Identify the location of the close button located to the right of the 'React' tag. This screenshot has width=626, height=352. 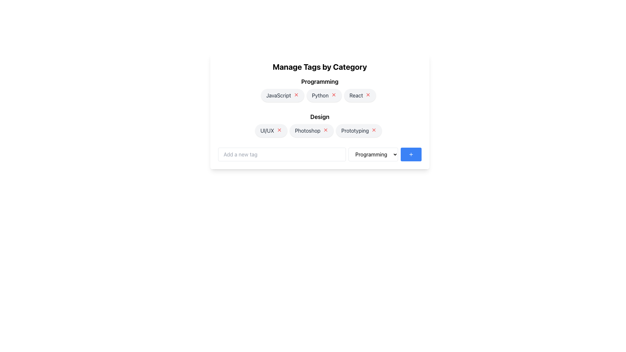
(368, 95).